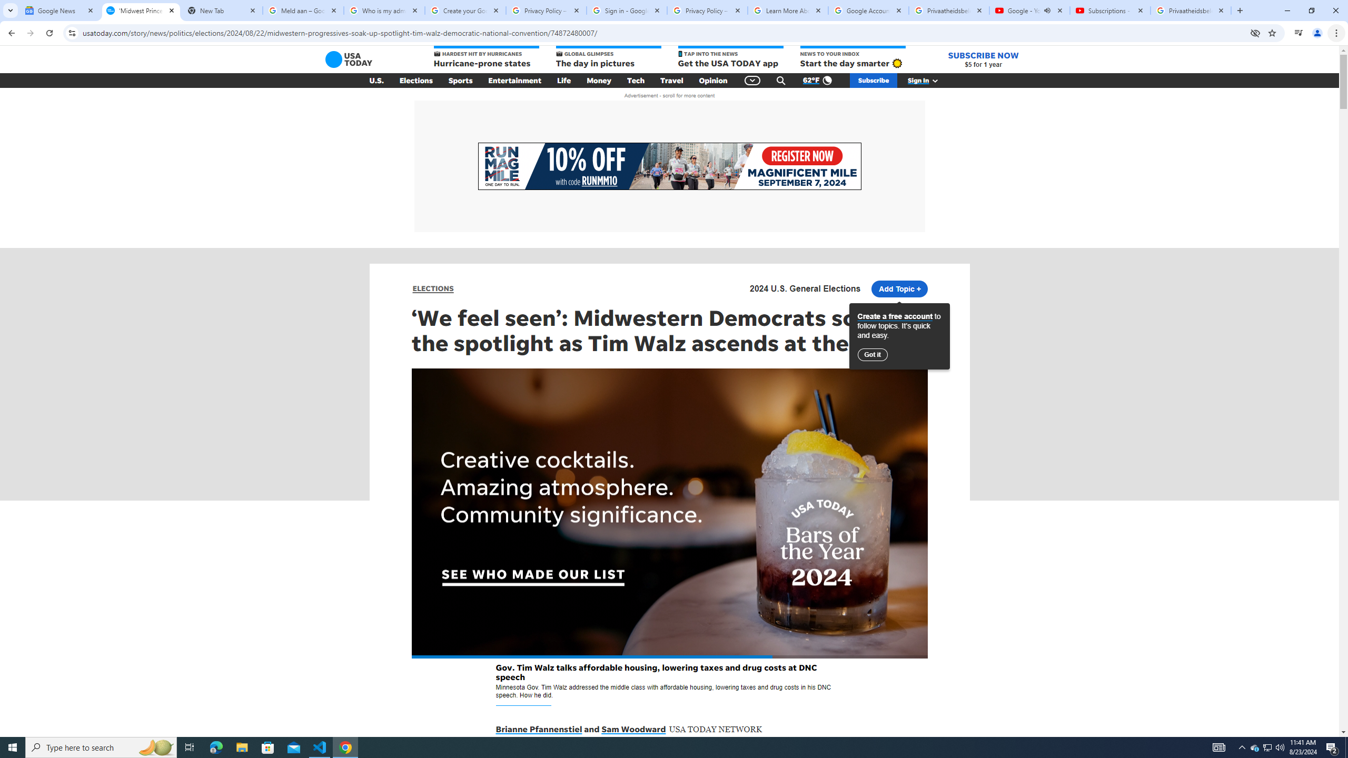 Image resolution: width=1348 pixels, height=758 pixels. Describe the element at coordinates (1255, 32) in the screenshot. I see `'Third-party cookies blocked'` at that location.